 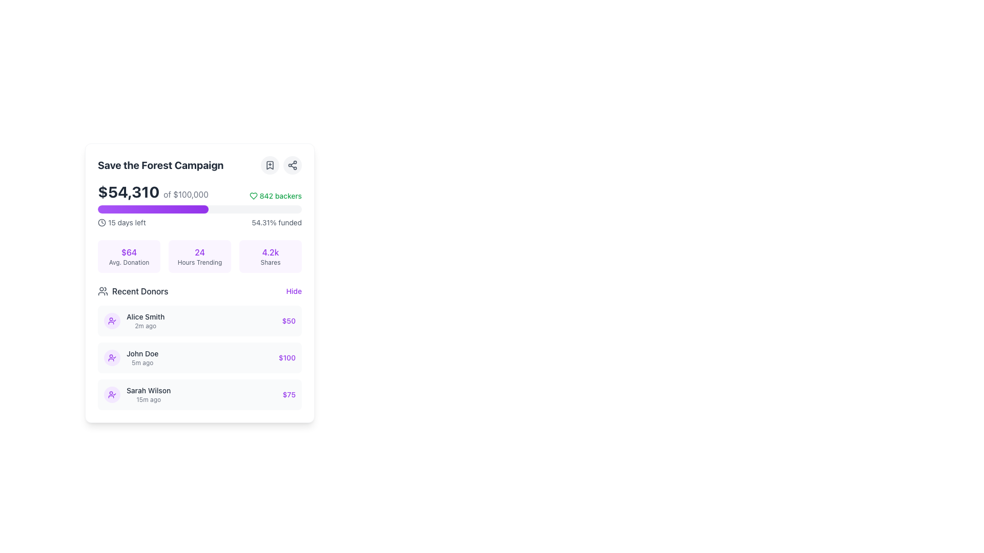 What do you see at coordinates (153, 208) in the screenshot?
I see `the progress indicator styled with a gradient from purple to violet, located under the headline and funding information, representing the filled portion of the progress bar` at bounding box center [153, 208].